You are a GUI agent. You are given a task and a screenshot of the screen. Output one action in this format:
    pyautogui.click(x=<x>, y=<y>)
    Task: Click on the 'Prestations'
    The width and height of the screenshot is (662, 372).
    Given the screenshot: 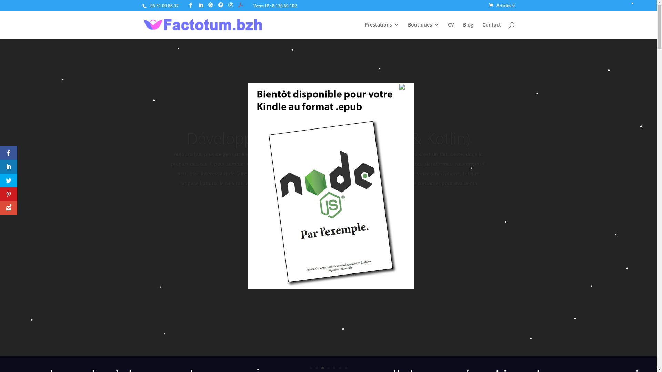 What is the action you would take?
    pyautogui.click(x=381, y=30)
    